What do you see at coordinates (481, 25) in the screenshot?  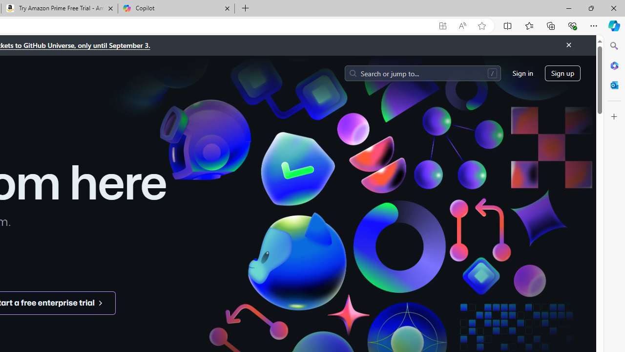 I see `'Add this page to favorites (Ctrl+D)'` at bounding box center [481, 25].